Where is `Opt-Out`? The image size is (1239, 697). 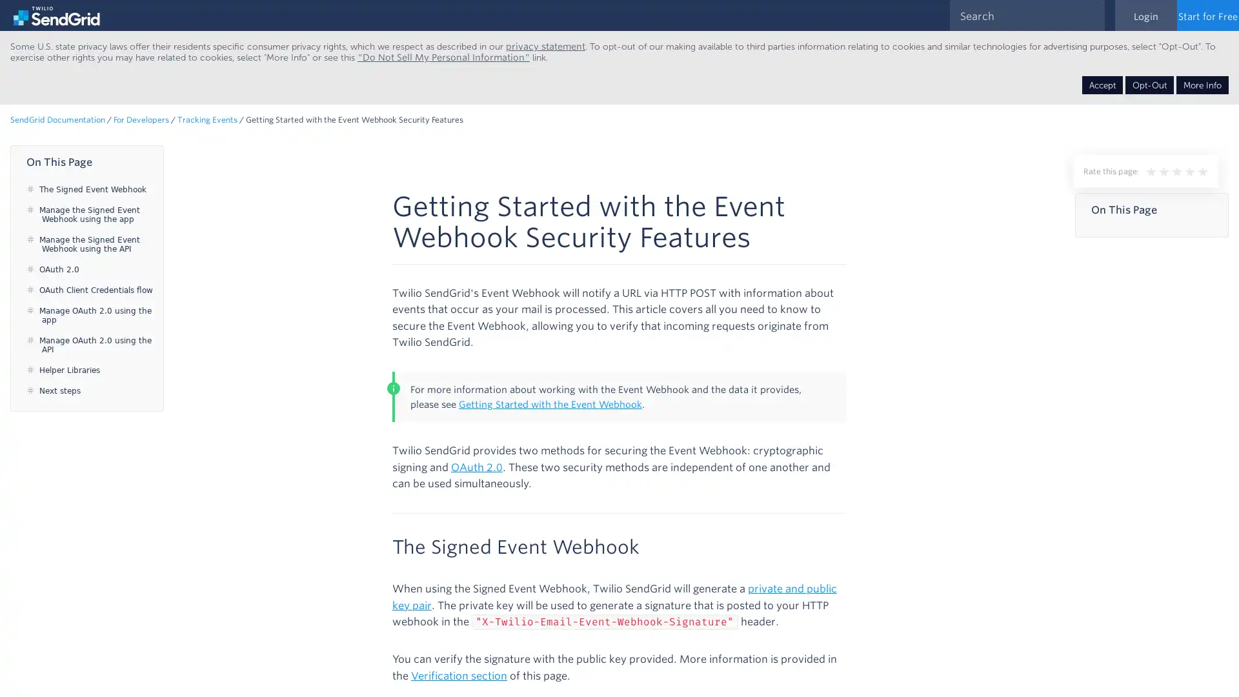 Opt-Out is located at coordinates (1149, 85).